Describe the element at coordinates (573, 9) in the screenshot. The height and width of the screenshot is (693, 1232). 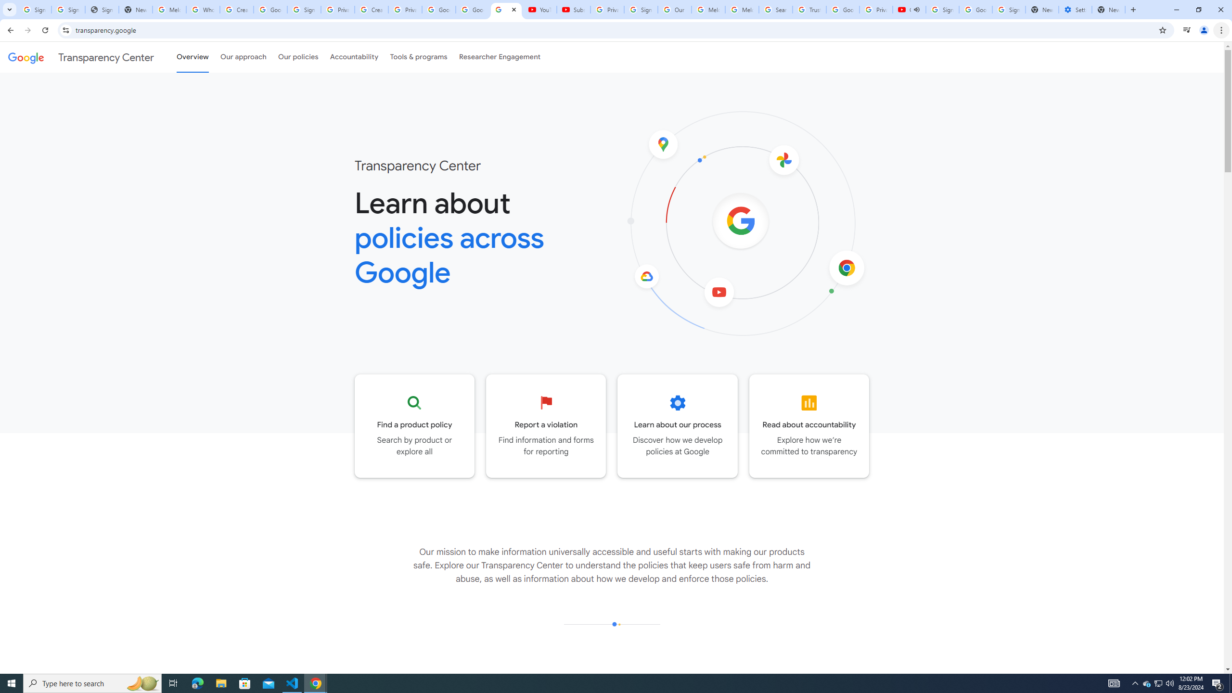
I see `'Subscriptions - YouTube'` at that location.